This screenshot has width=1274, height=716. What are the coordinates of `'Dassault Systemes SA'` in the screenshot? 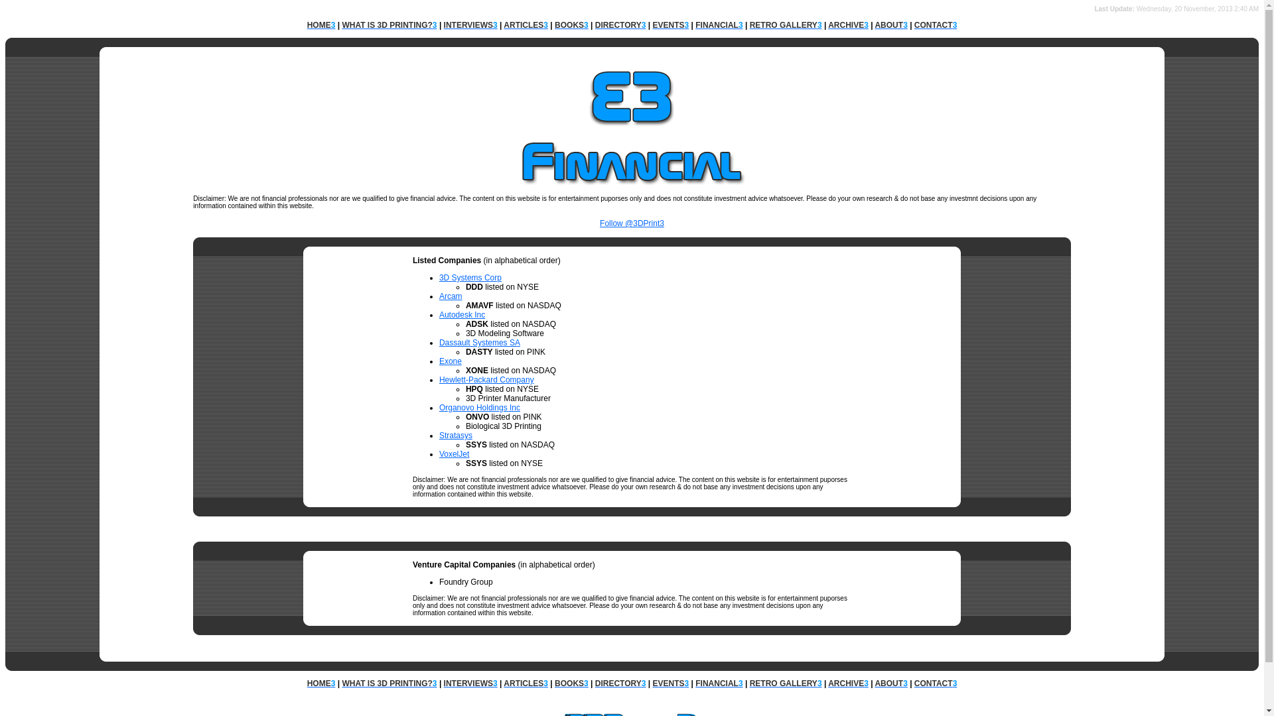 It's located at (479, 341).